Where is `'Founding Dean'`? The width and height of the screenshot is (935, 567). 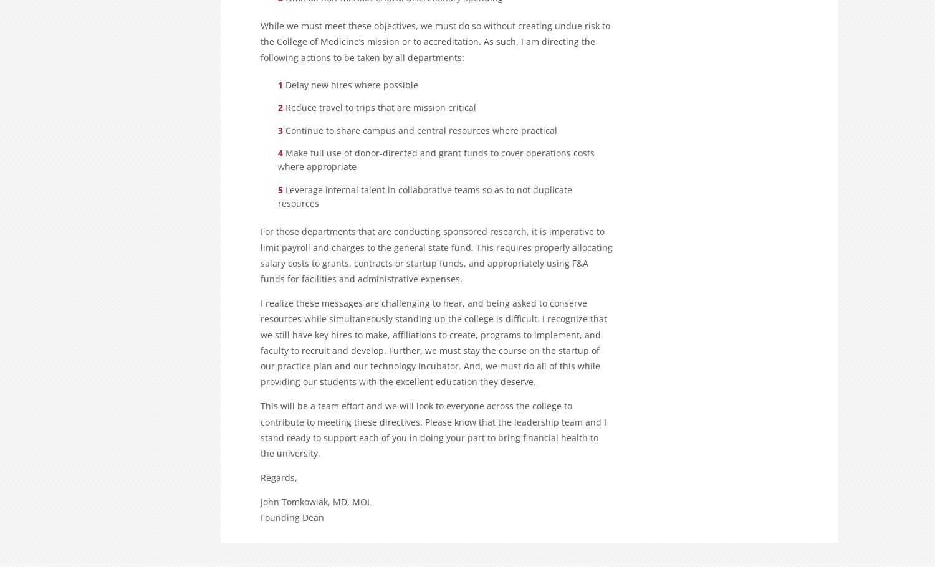
'Founding Dean' is located at coordinates (261, 517).